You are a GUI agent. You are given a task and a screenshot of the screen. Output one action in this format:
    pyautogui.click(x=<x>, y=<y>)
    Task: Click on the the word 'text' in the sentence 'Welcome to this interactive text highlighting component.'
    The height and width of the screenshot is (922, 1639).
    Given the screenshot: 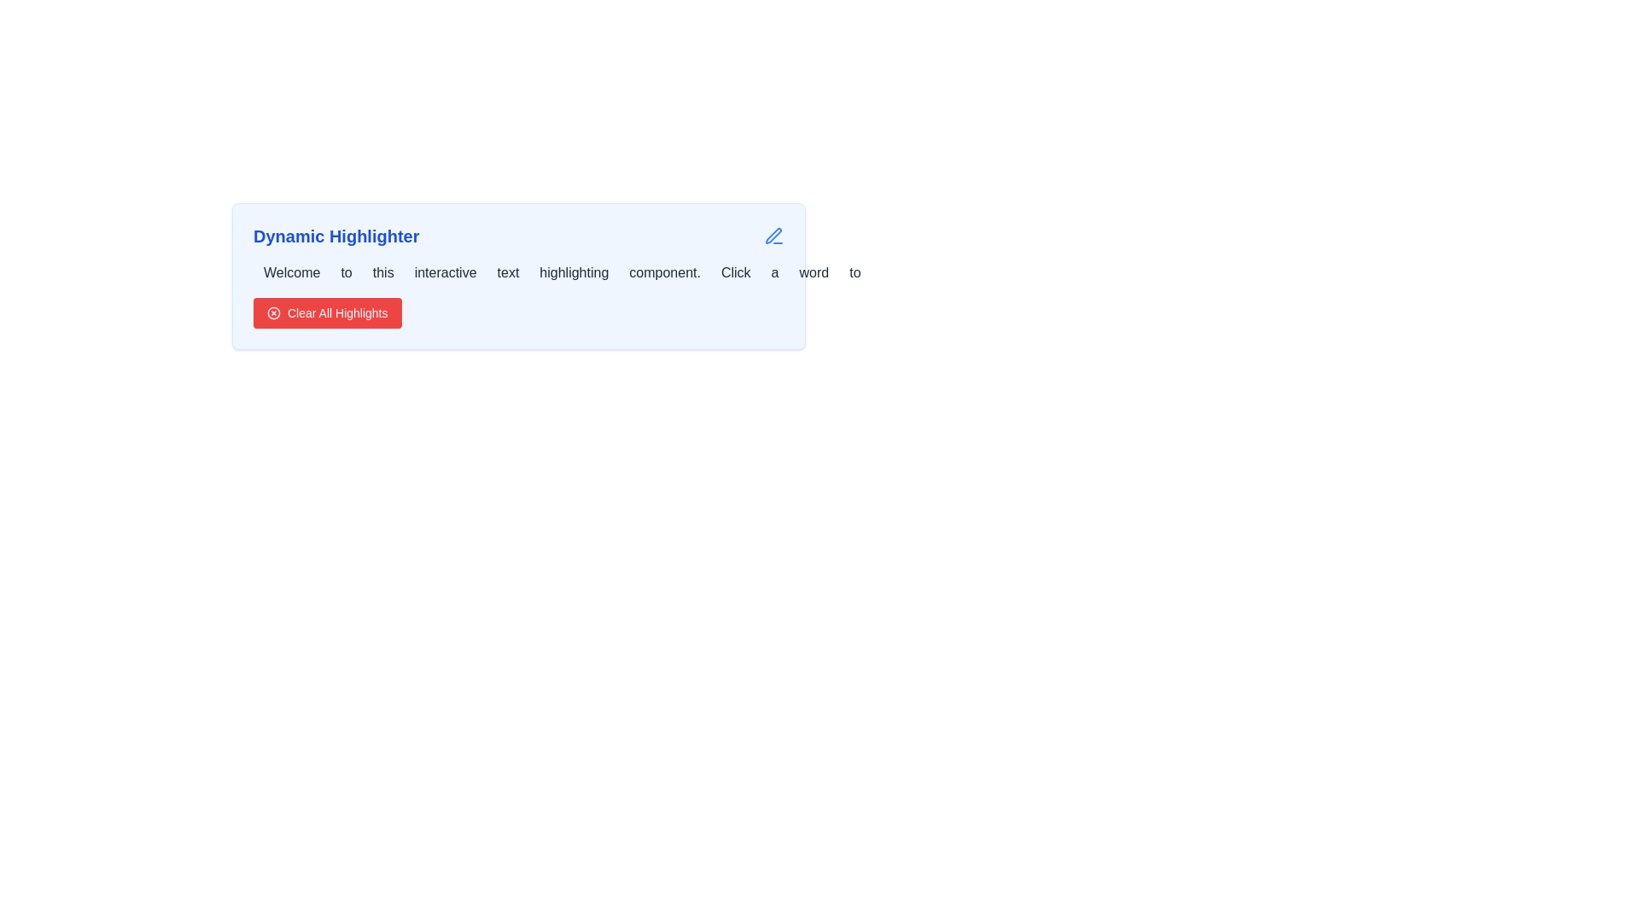 What is the action you would take?
    pyautogui.click(x=507, y=271)
    